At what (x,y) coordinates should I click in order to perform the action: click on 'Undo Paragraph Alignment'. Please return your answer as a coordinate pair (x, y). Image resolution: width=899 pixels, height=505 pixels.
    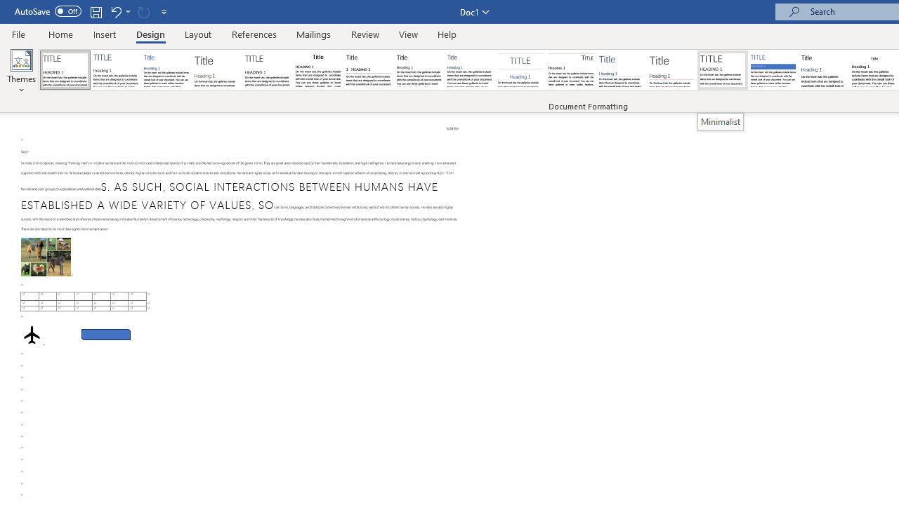
    Looking at the image, I should click on (119, 11).